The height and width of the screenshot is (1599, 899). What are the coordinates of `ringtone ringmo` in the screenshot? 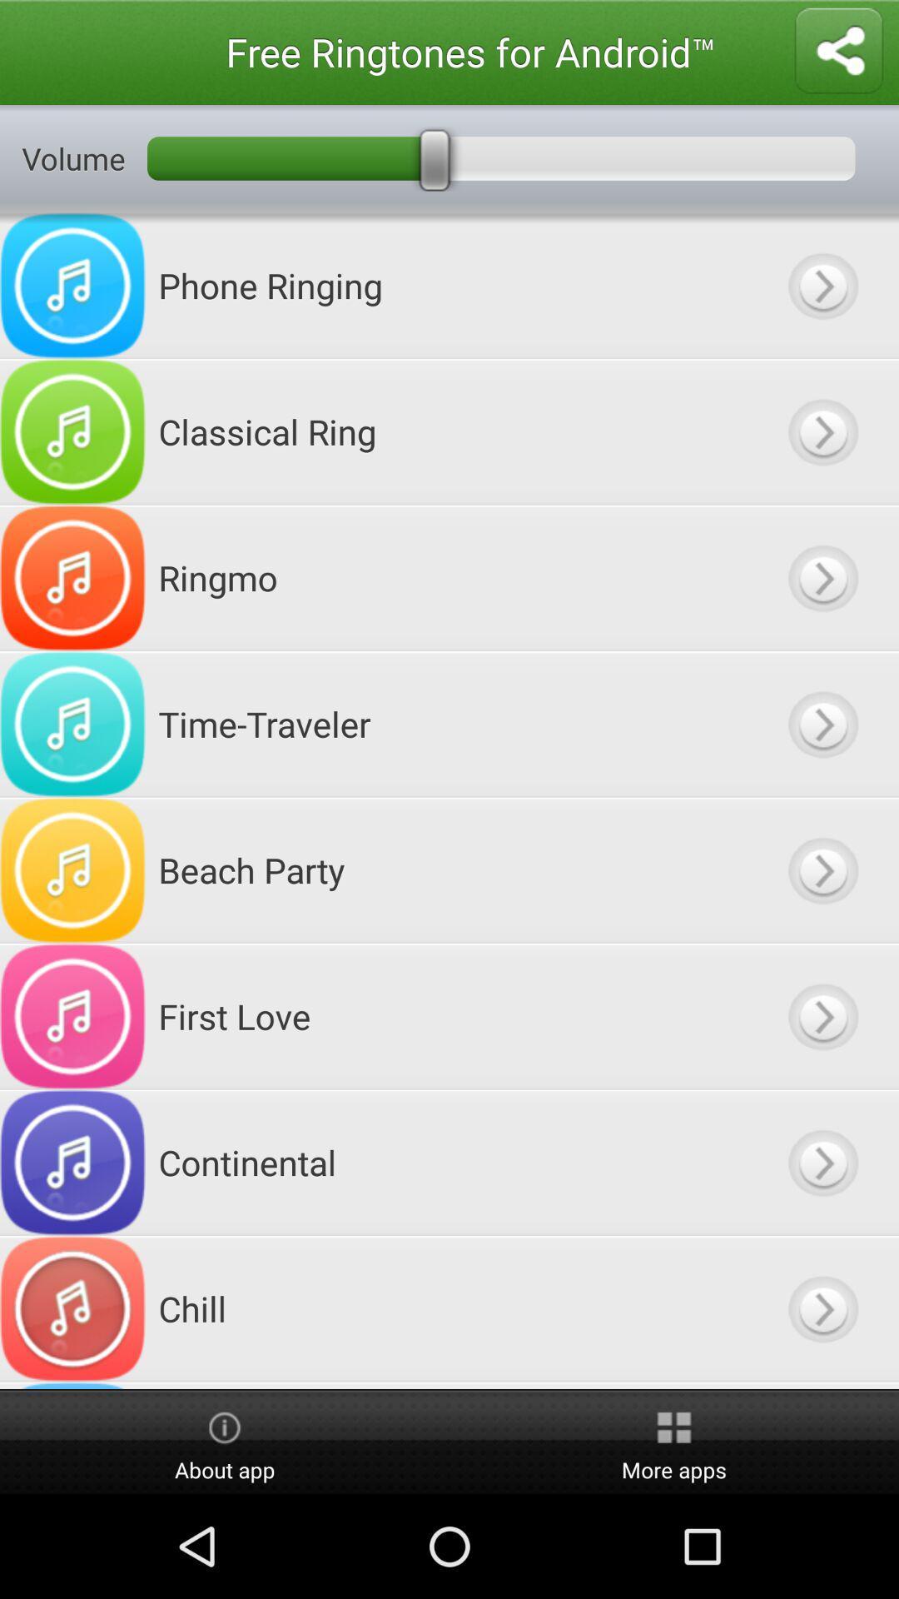 It's located at (822, 578).